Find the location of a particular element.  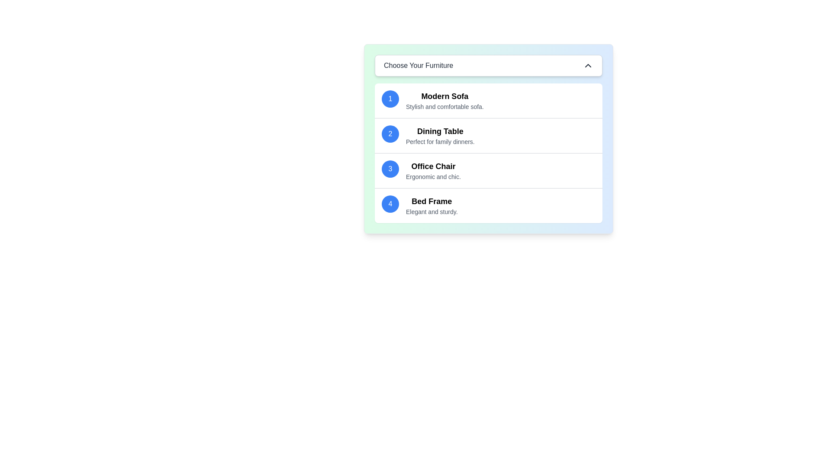

the second item in the list representing 'Dining Table', which provides a brief description 'Perfect for family dinners.' is located at coordinates (488, 135).